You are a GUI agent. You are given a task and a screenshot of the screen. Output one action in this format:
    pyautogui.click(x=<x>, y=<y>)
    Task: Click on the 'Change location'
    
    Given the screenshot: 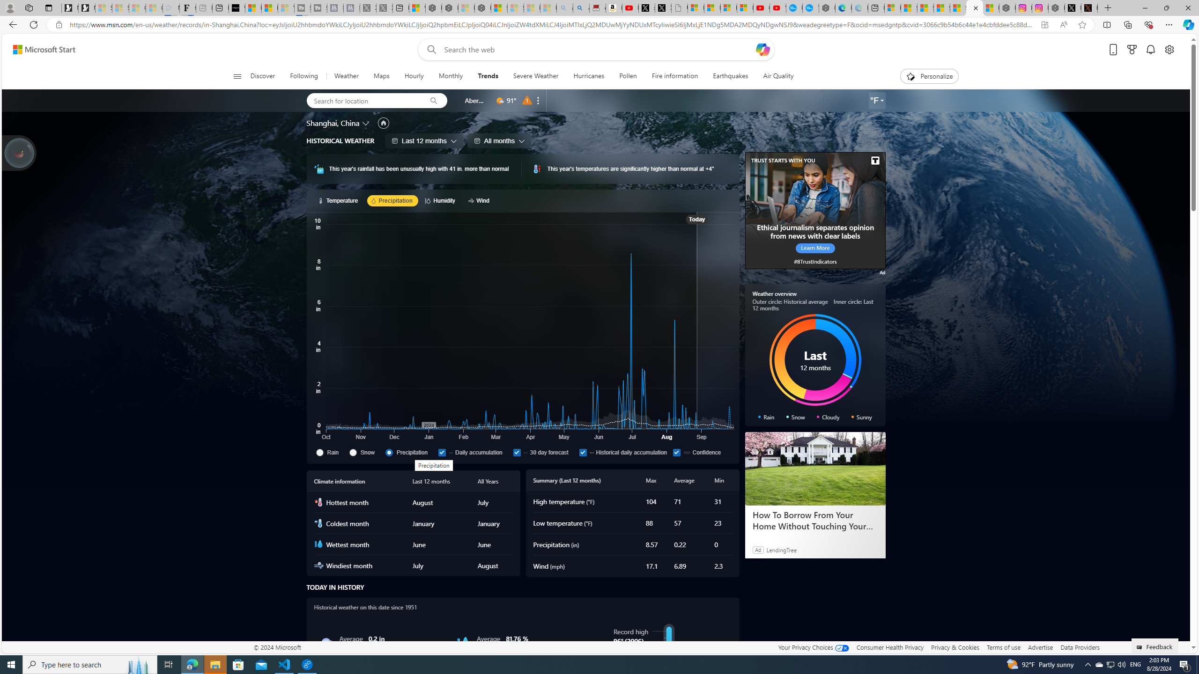 What is the action you would take?
    pyautogui.click(x=366, y=123)
    